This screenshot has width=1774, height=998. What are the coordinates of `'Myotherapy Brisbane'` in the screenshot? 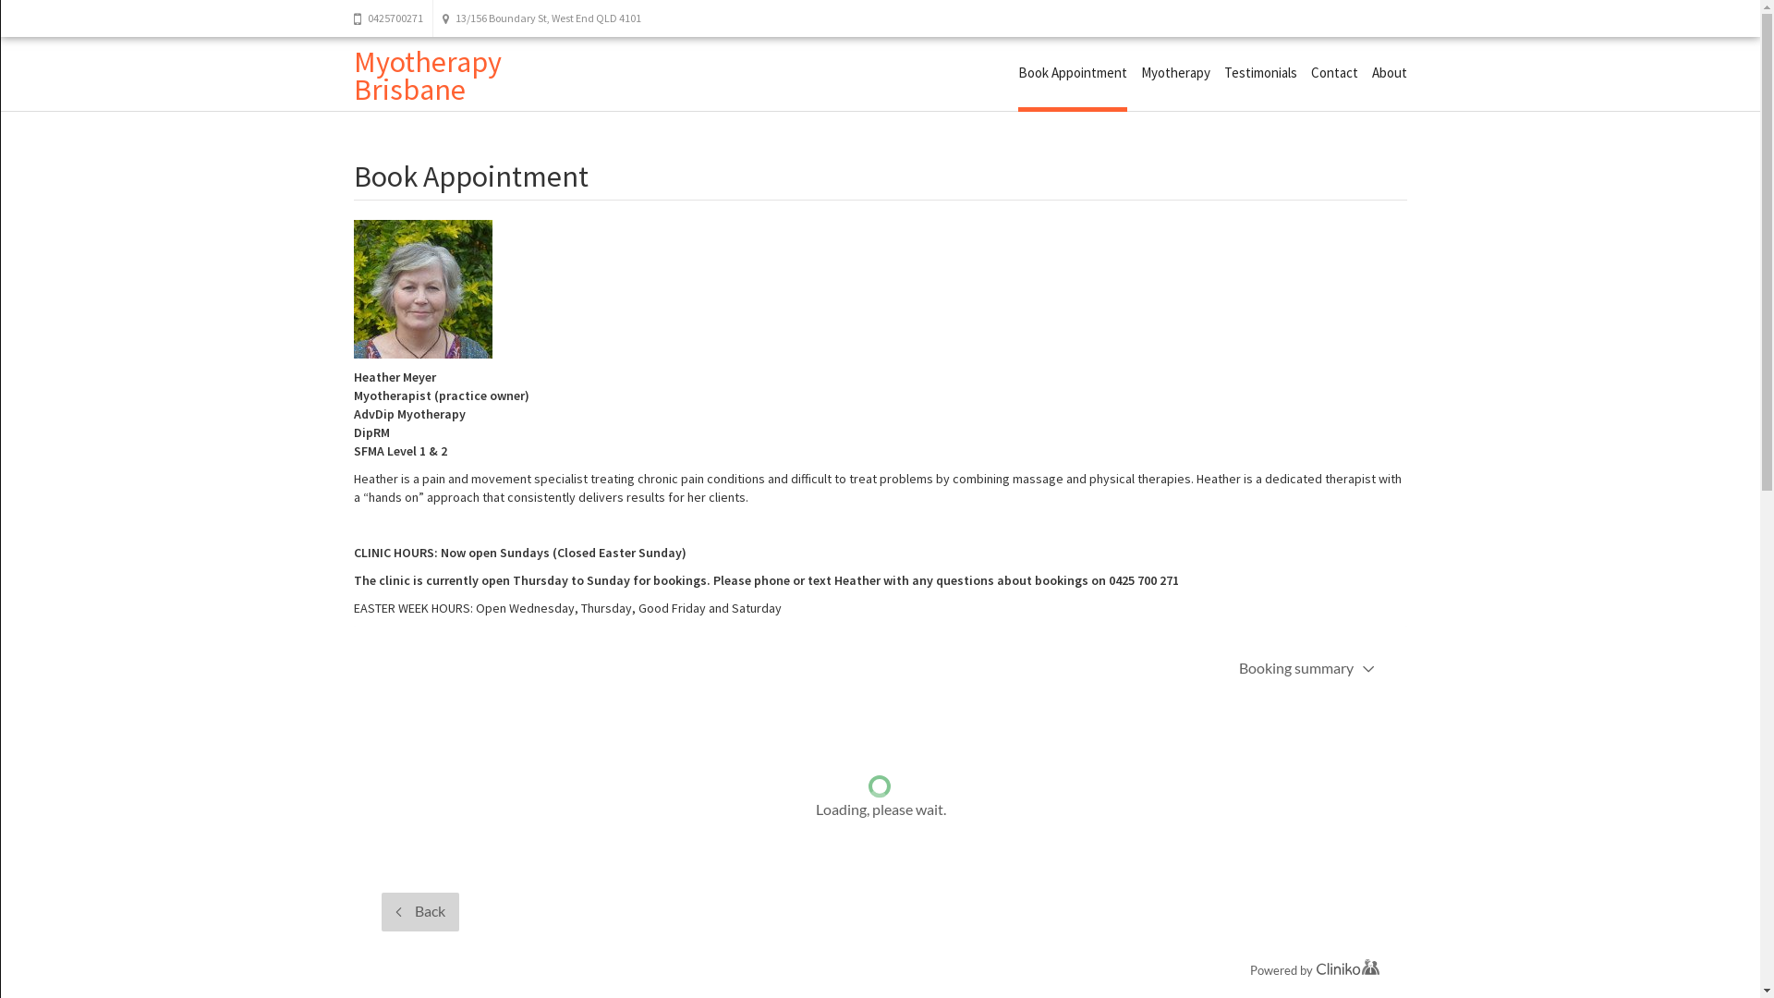 It's located at (425, 74).